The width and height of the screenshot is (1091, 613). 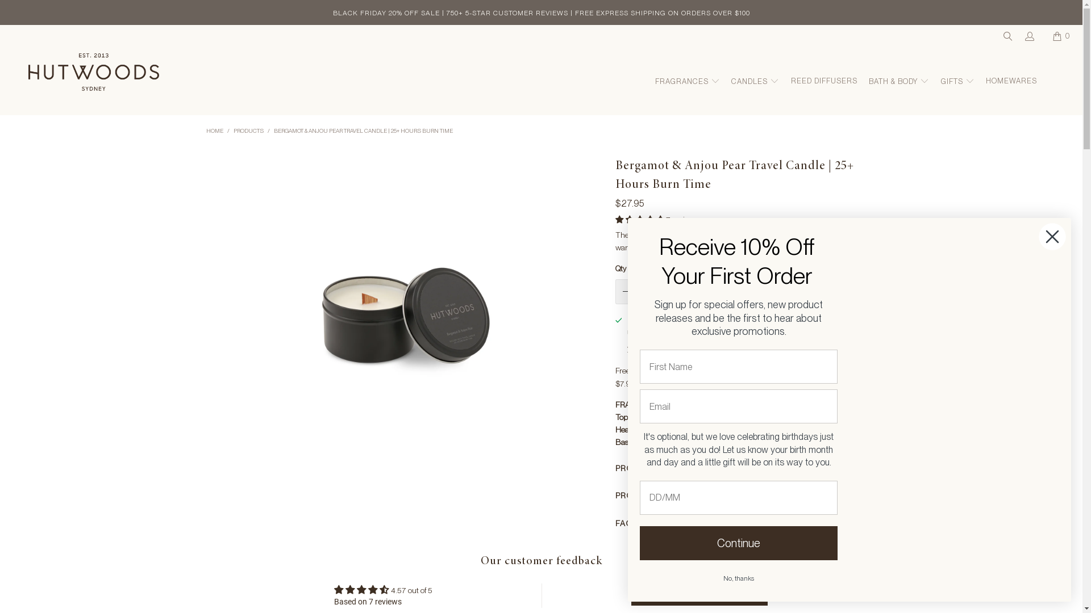 What do you see at coordinates (749, 291) in the screenshot?
I see `'ADD TO CART'` at bounding box center [749, 291].